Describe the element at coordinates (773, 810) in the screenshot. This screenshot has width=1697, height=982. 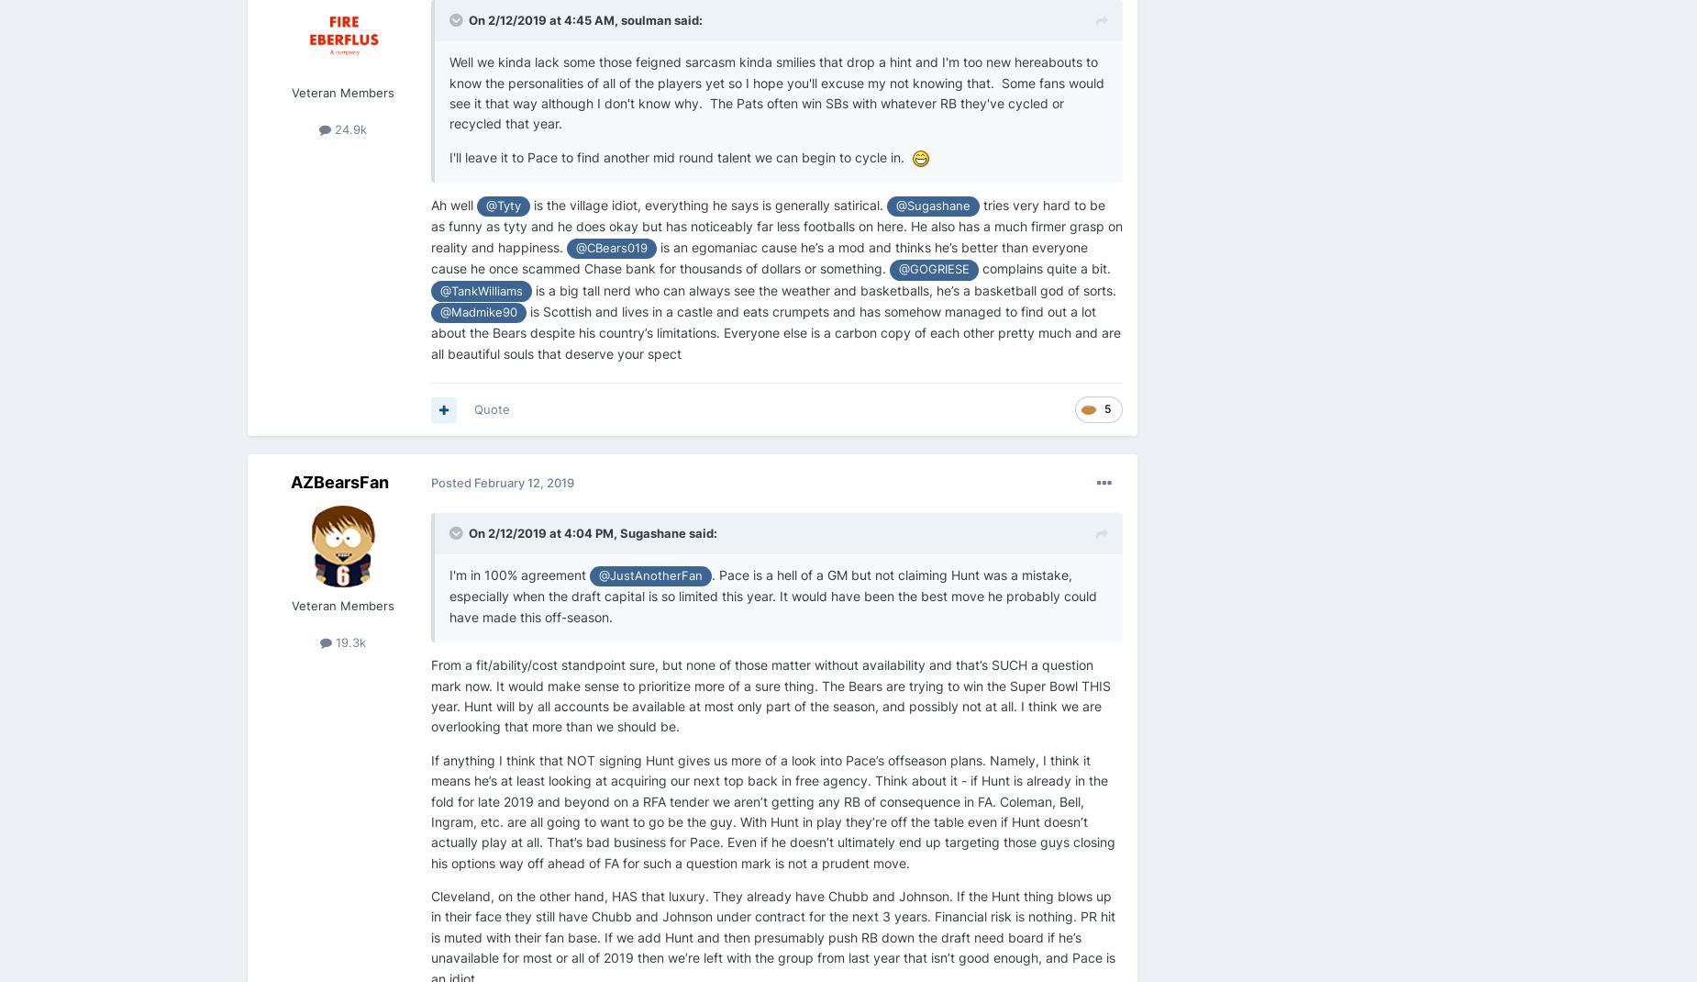
I see `'If anything I think that NOT signing Hunt gives us more of a look into Pace’s offseason plans. Namely, I think it means he’s at least looking at acquiring our next top back in free agency. Think about it - if Hunt is already in the fold for late 2019 and beyond on a RFA tender we aren’t getting any RB of consequence in FA. Coleman, Bell, Ingram, etc. are all going to want to go be the guy. With Hunt in play they’re off the table even if Hunt doesn’t actually play at all. That’s bad business for Pace. Even if he doesn’t ultimately end up targeting those guys closing his options way off ahead of FA for such a question mark is not a prudent move.'` at that location.